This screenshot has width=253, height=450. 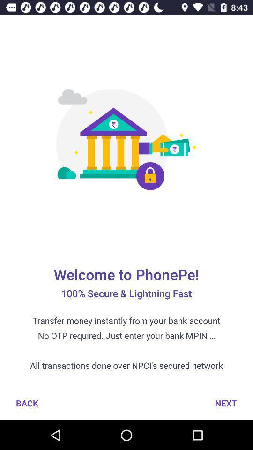 What do you see at coordinates (27, 403) in the screenshot?
I see `item below the transfer money instantly icon` at bounding box center [27, 403].